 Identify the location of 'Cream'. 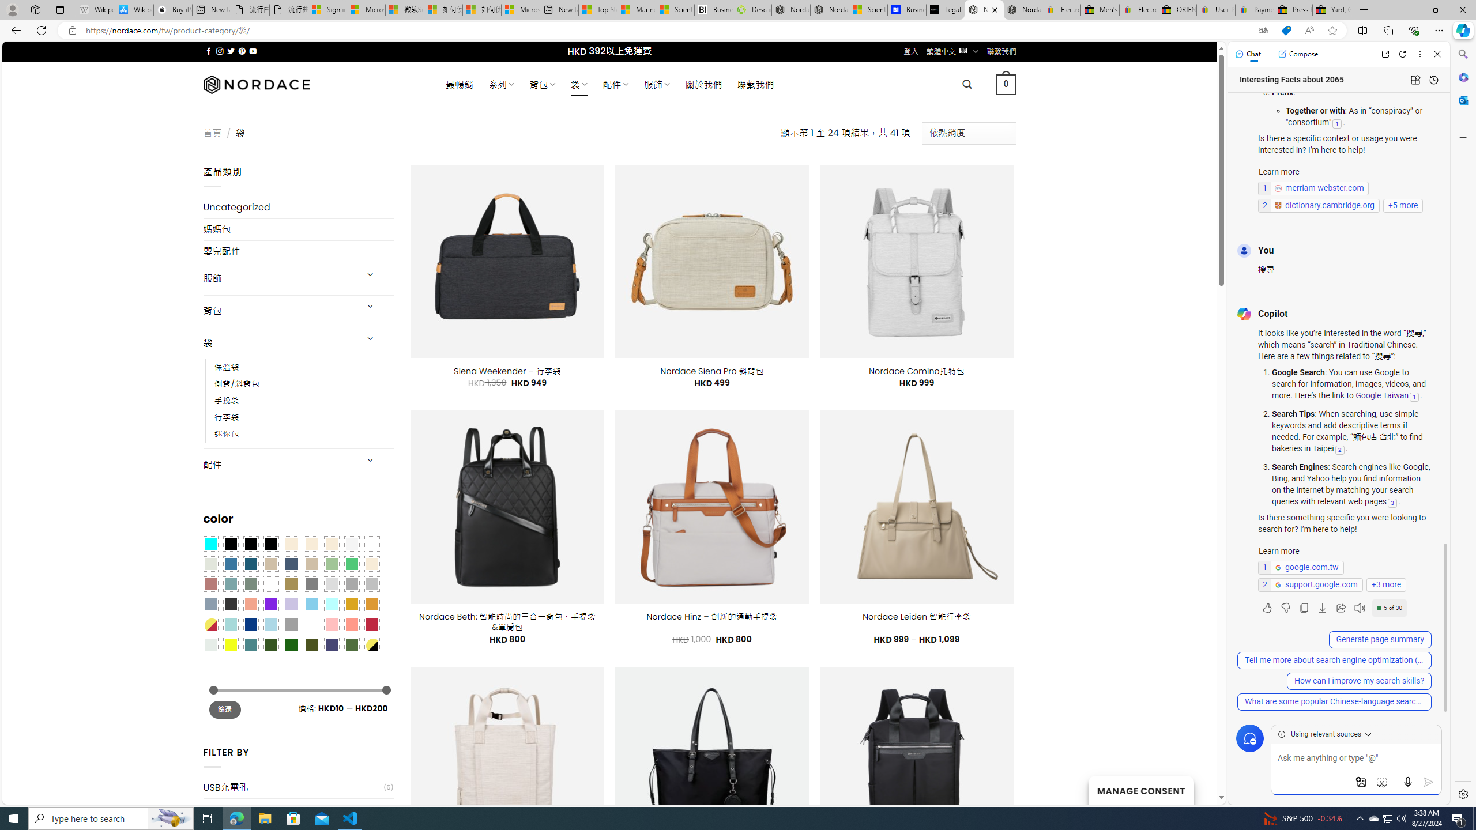
(332, 543).